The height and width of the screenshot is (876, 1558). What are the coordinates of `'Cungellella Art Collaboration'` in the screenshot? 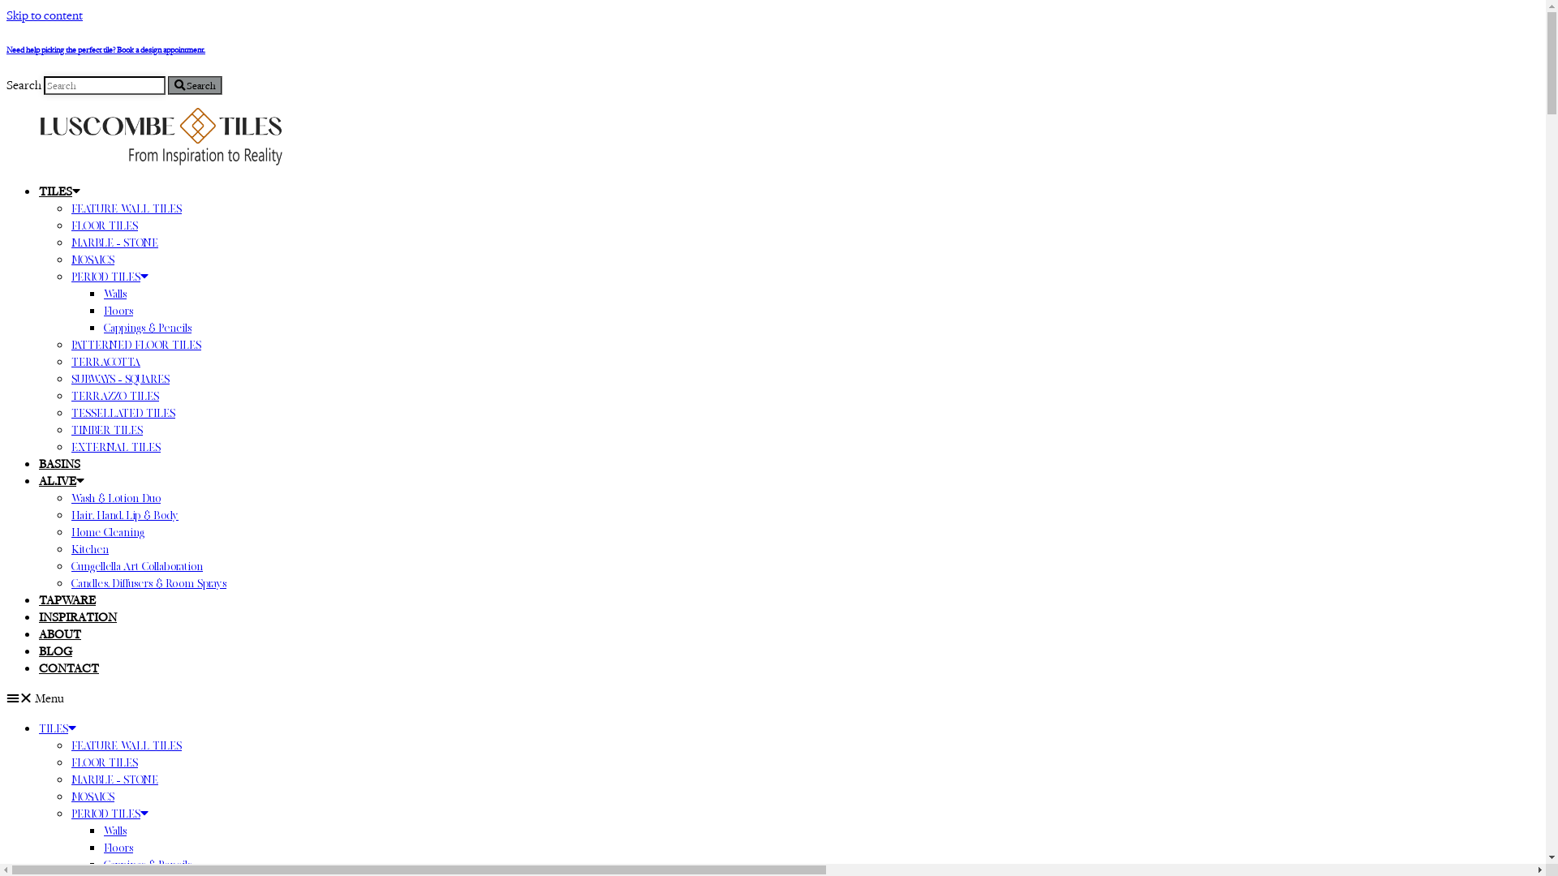 It's located at (136, 565).